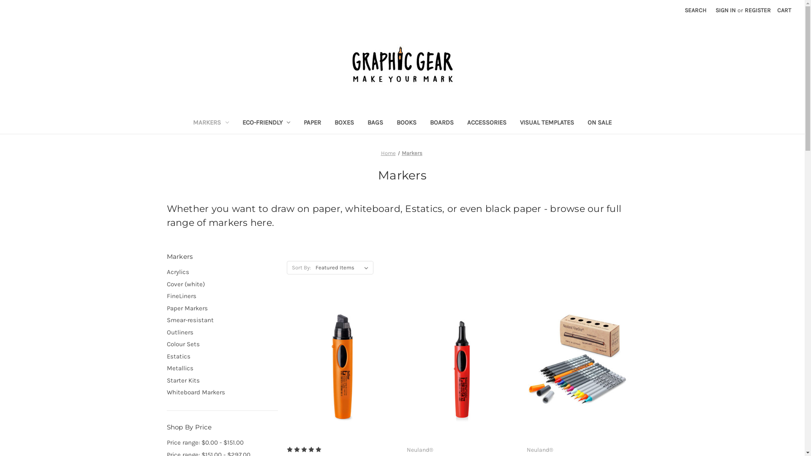 The image size is (811, 456). What do you see at coordinates (222, 320) in the screenshot?
I see `'Smear-resistant'` at bounding box center [222, 320].